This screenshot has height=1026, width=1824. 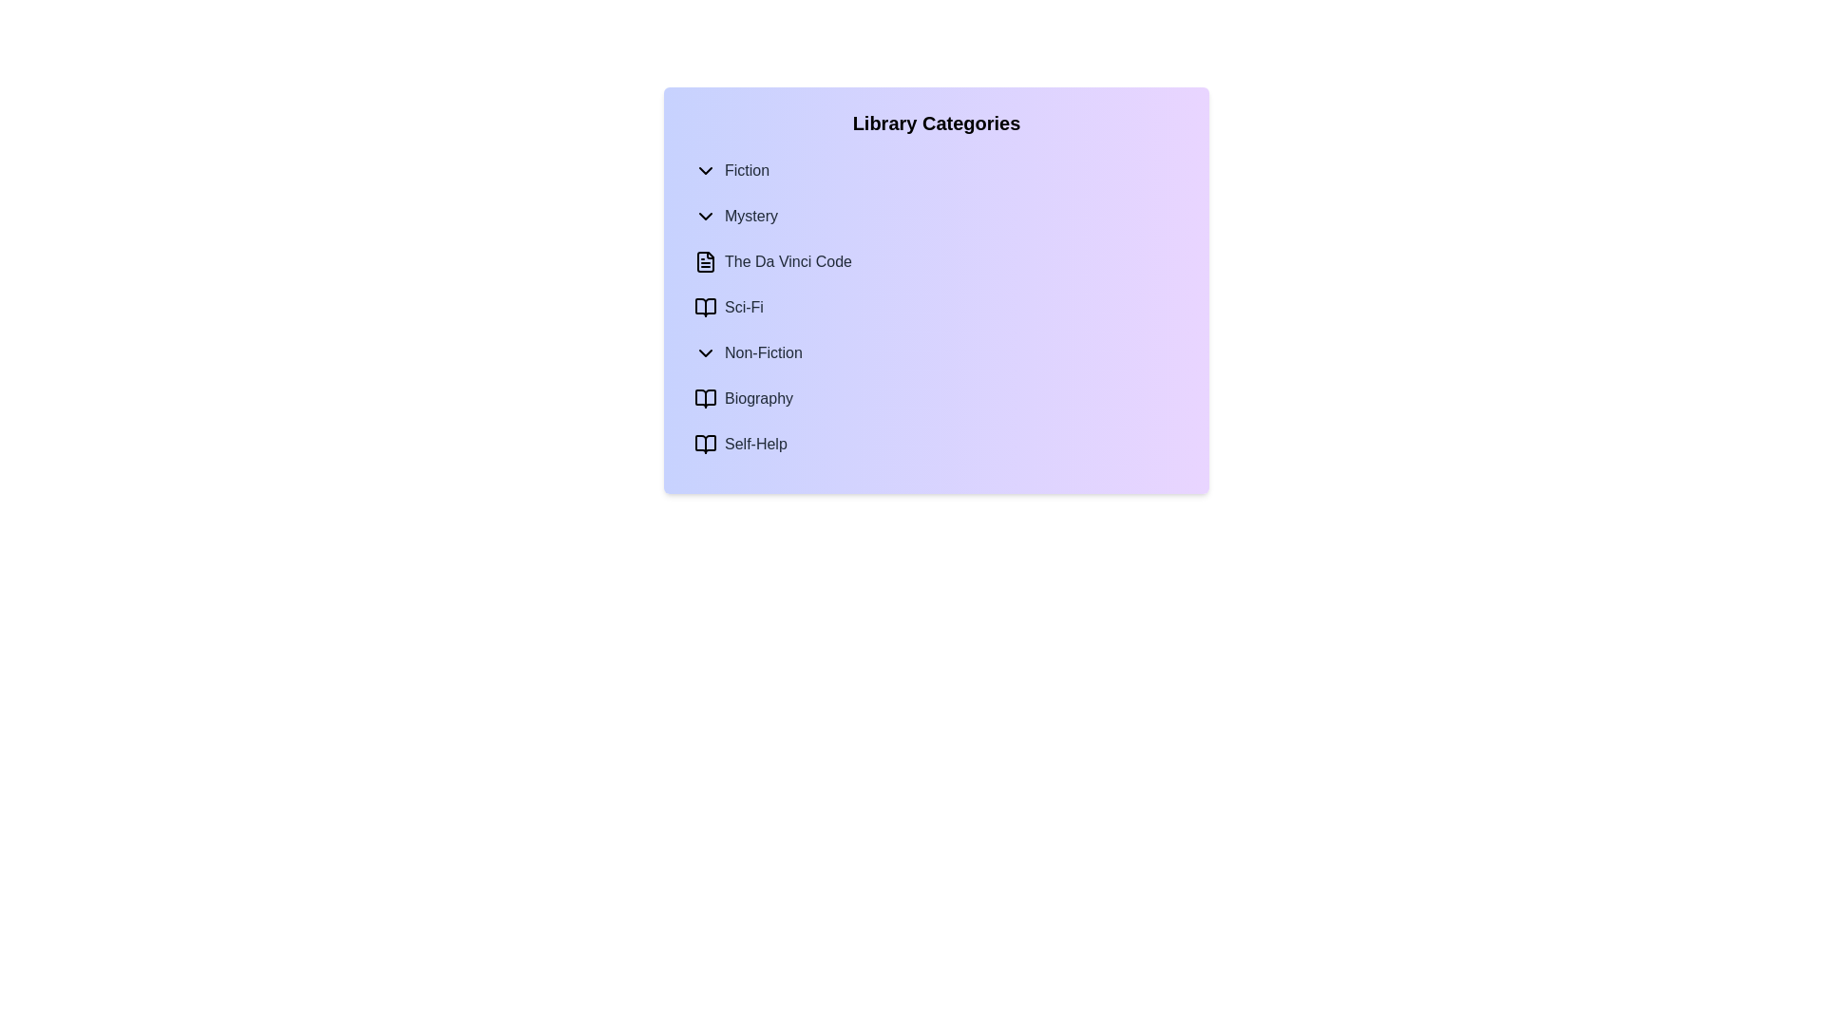 I want to click on the text label 'The Da Vinci Code' located in the expanded 'Mystery' section of the 'Library Categories' widget, so click(x=788, y=262).